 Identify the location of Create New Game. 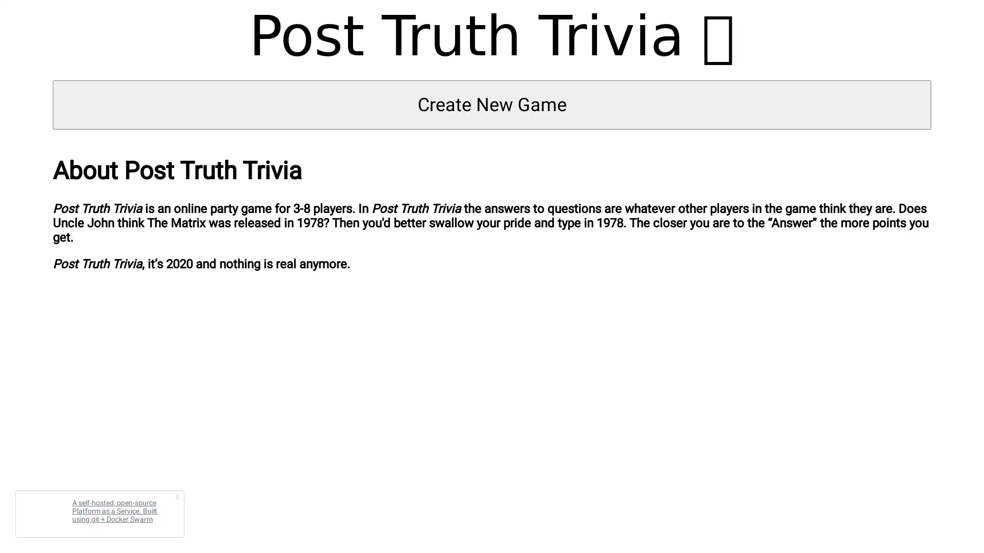
(491, 104).